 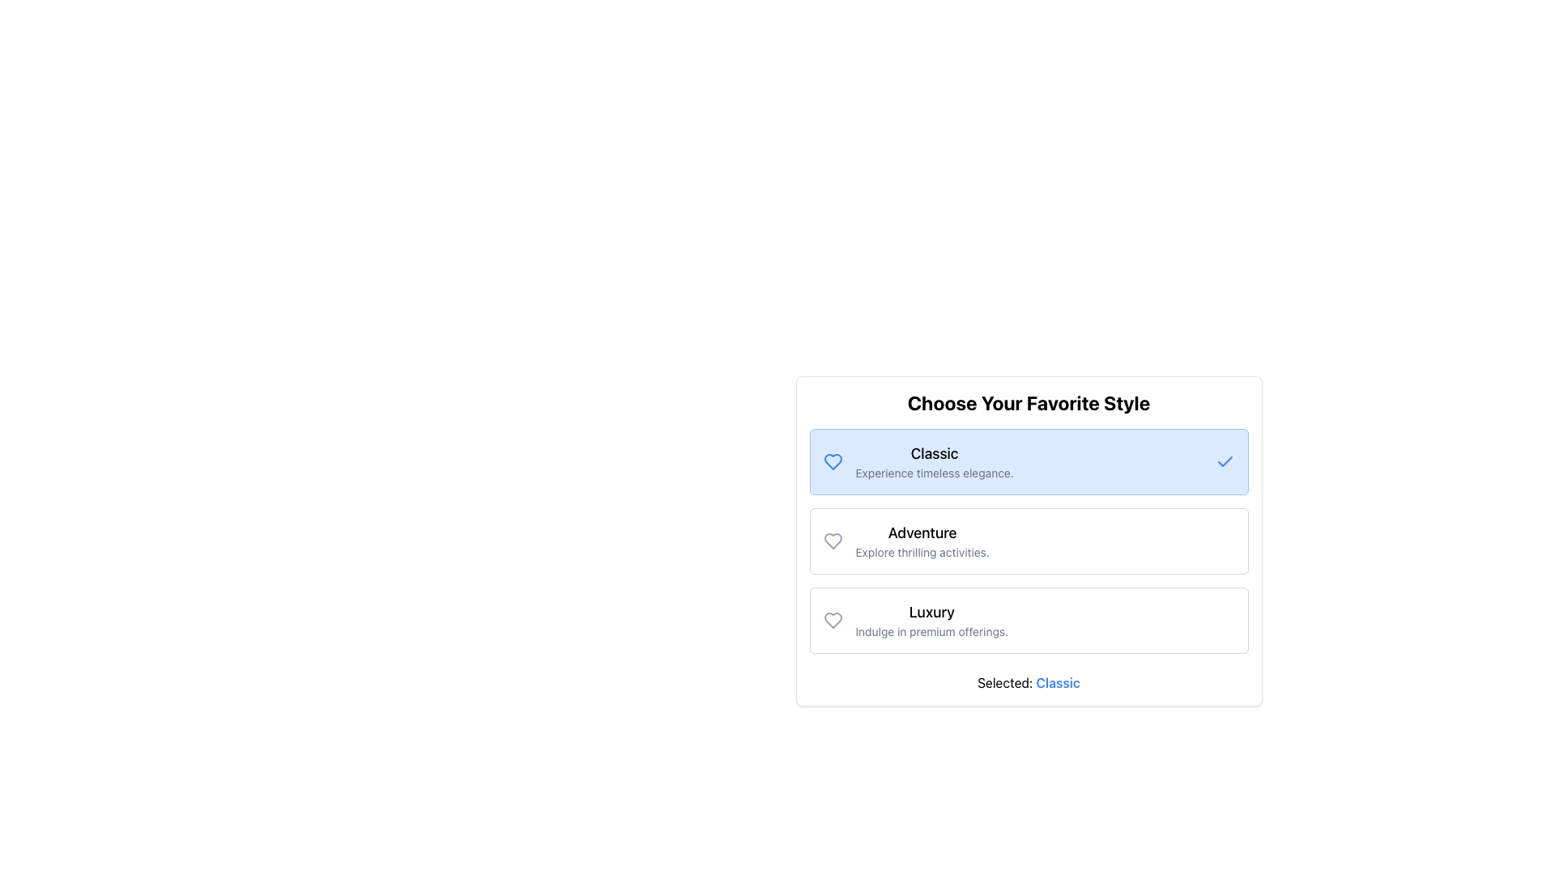 What do you see at coordinates (935, 473) in the screenshot?
I see `the static text element that describes the 'Classic' option, which is located beneath the title 'Classic' in the options list` at bounding box center [935, 473].